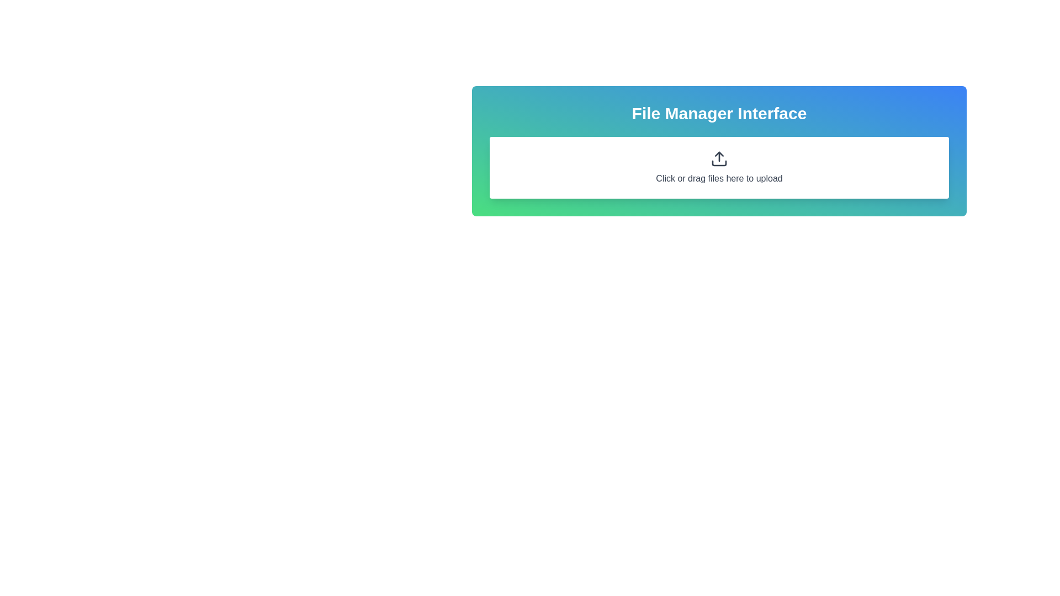 This screenshot has height=596, width=1060. What do you see at coordinates (719, 168) in the screenshot?
I see `the interactive file upload area located centrally below the 'File Manager Interface' text` at bounding box center [719, 168].